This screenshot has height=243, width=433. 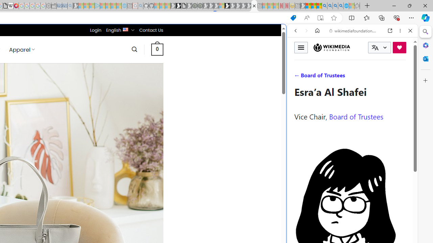 I want to click on 'MSN - Sleeping', so click(x=302, y=6).